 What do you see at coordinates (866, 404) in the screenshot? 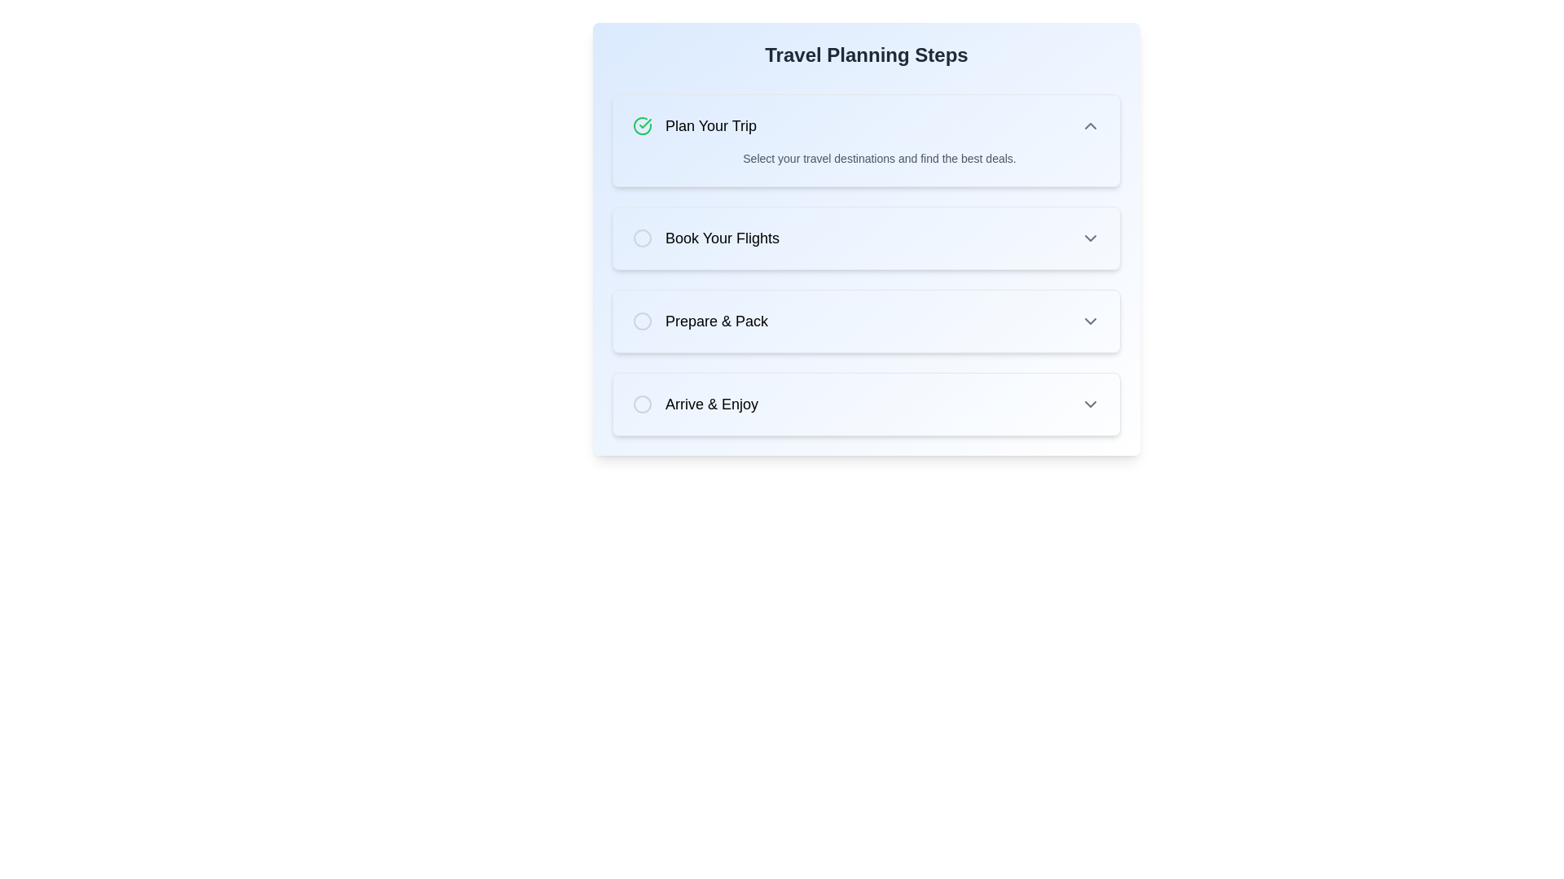
I see `the 'Arrive & Enjoy' button, which is the fourth button in the vertically-stacked menu under 'Travel Planning Steps'` at bounding box center [866, 404].